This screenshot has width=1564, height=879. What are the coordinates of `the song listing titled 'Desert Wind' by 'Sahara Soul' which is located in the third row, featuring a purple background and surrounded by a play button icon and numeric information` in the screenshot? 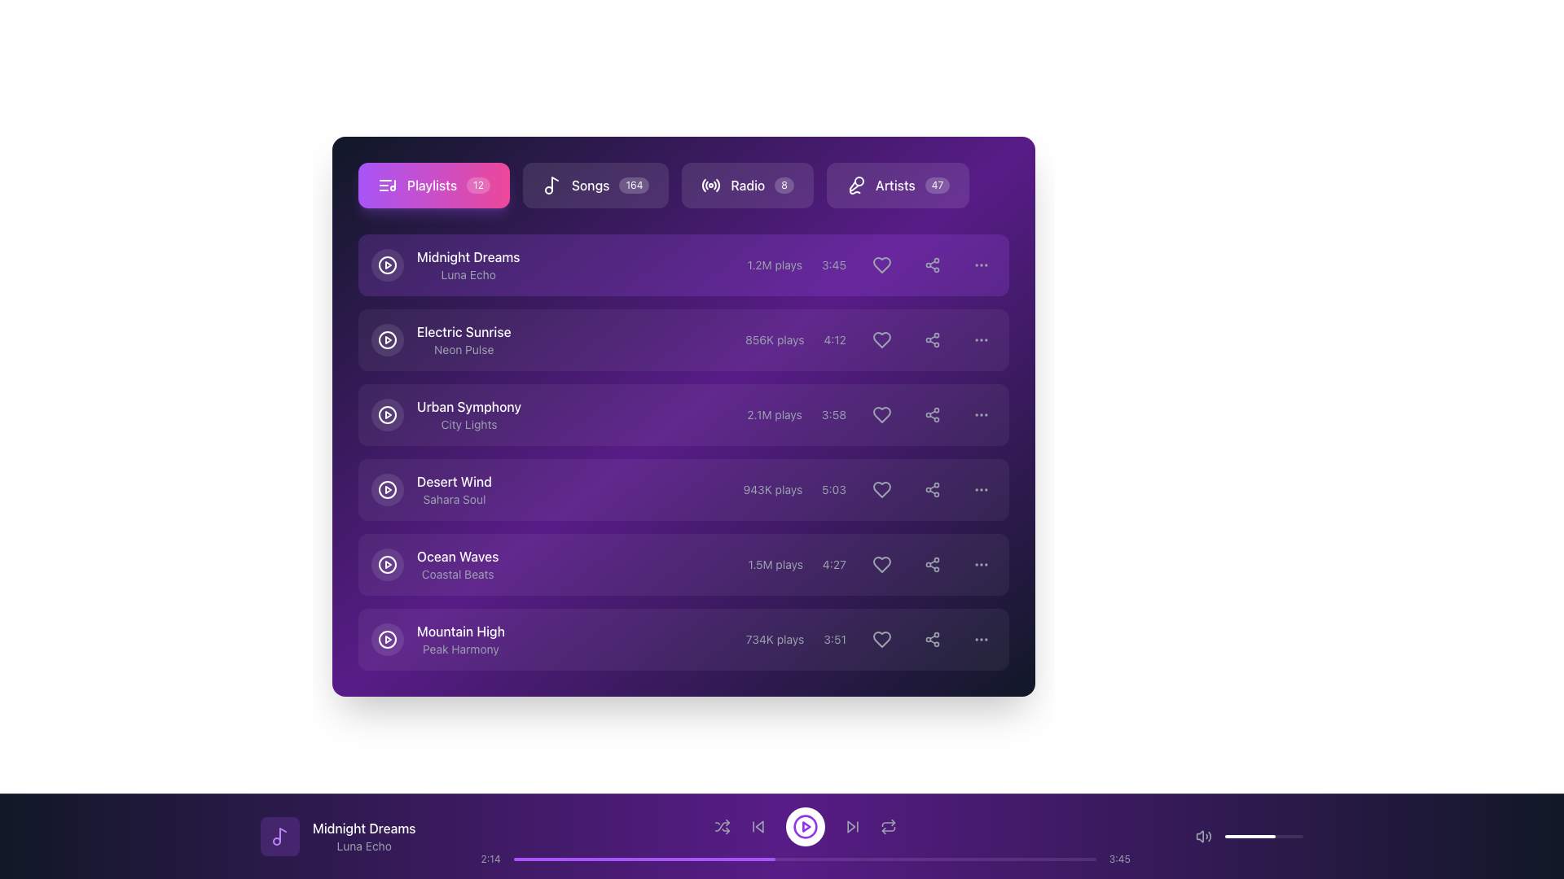 It's located at (454, 488).